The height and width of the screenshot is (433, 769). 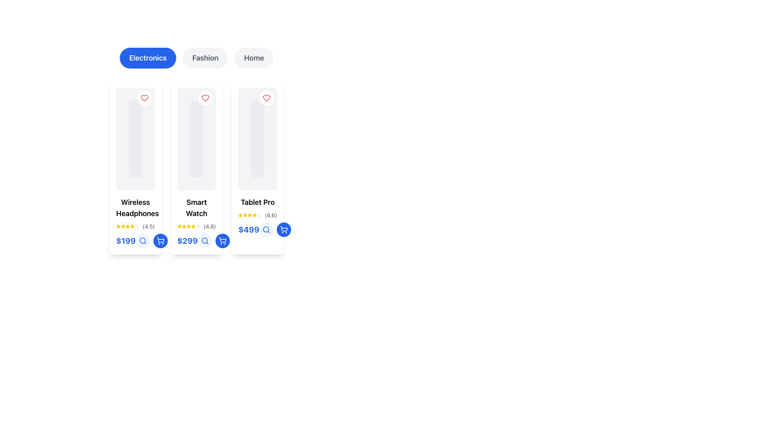 I want to click on the 'Electronics' button, which has a bold white sans-serif font on a blue rounded background, located in the horizontal navigation bar at the top of the interface, so click(x=148, y=58).